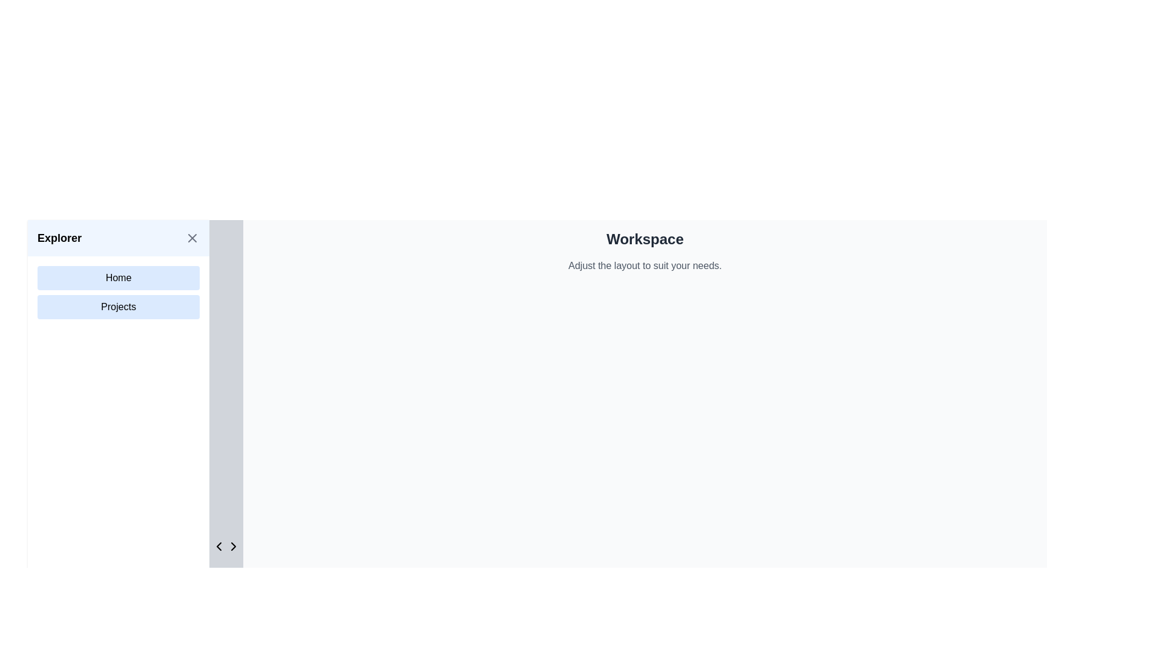  Describe the element at coordinates (119, 278) in the screenshot. I see `the Home navigation button located at the top of the vertical stack of buttons within the 'Explorer' panel` at that location.